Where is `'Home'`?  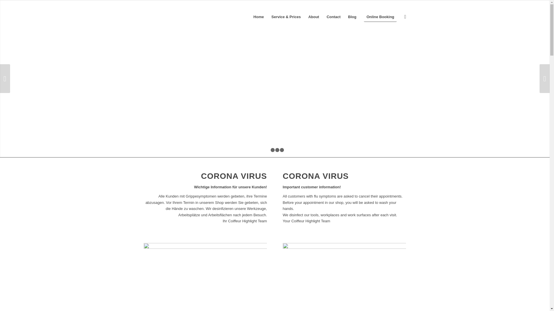
'Home' is located at coordinates (258, 16).